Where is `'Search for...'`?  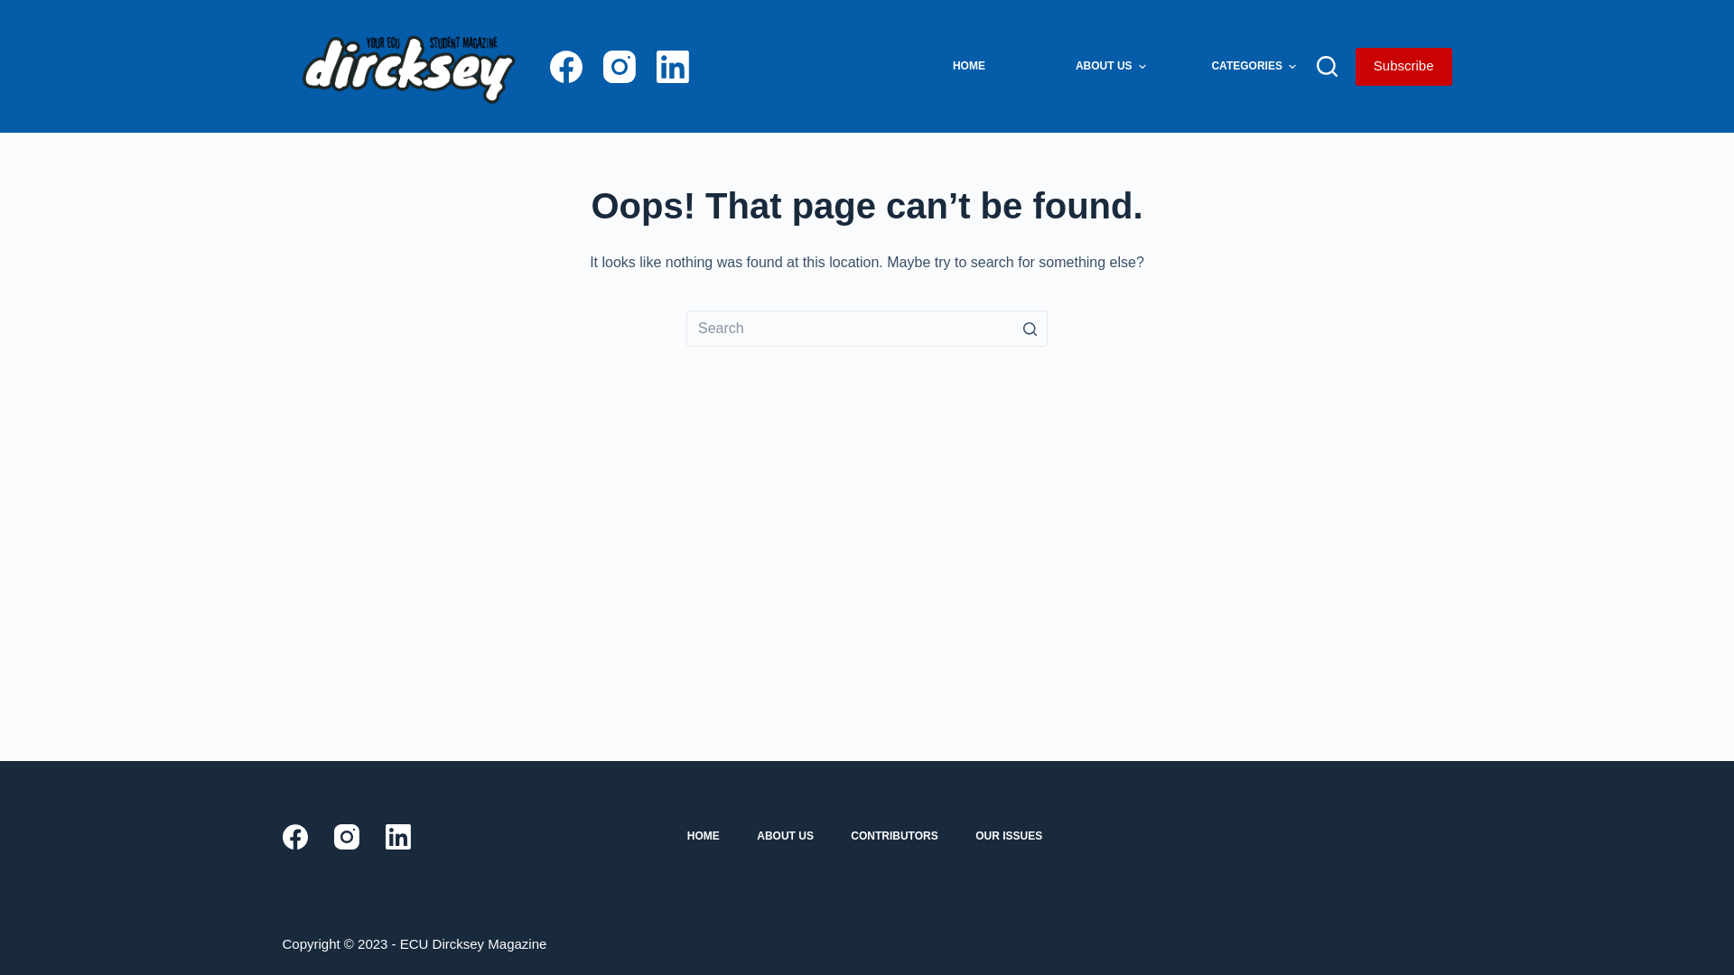 'Search for...' is located at coordinates (867, 328).